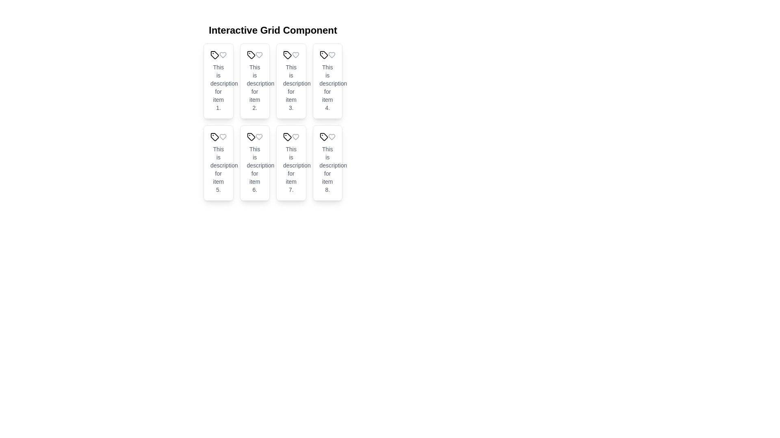  What do you see at coordinates (287, 55) in the screenshot?
I see `the tag icon located in the top left corner of the card labeled 'Tile 3', which is adjacent to a heart icon on its right` at bounding box center [287, 55].